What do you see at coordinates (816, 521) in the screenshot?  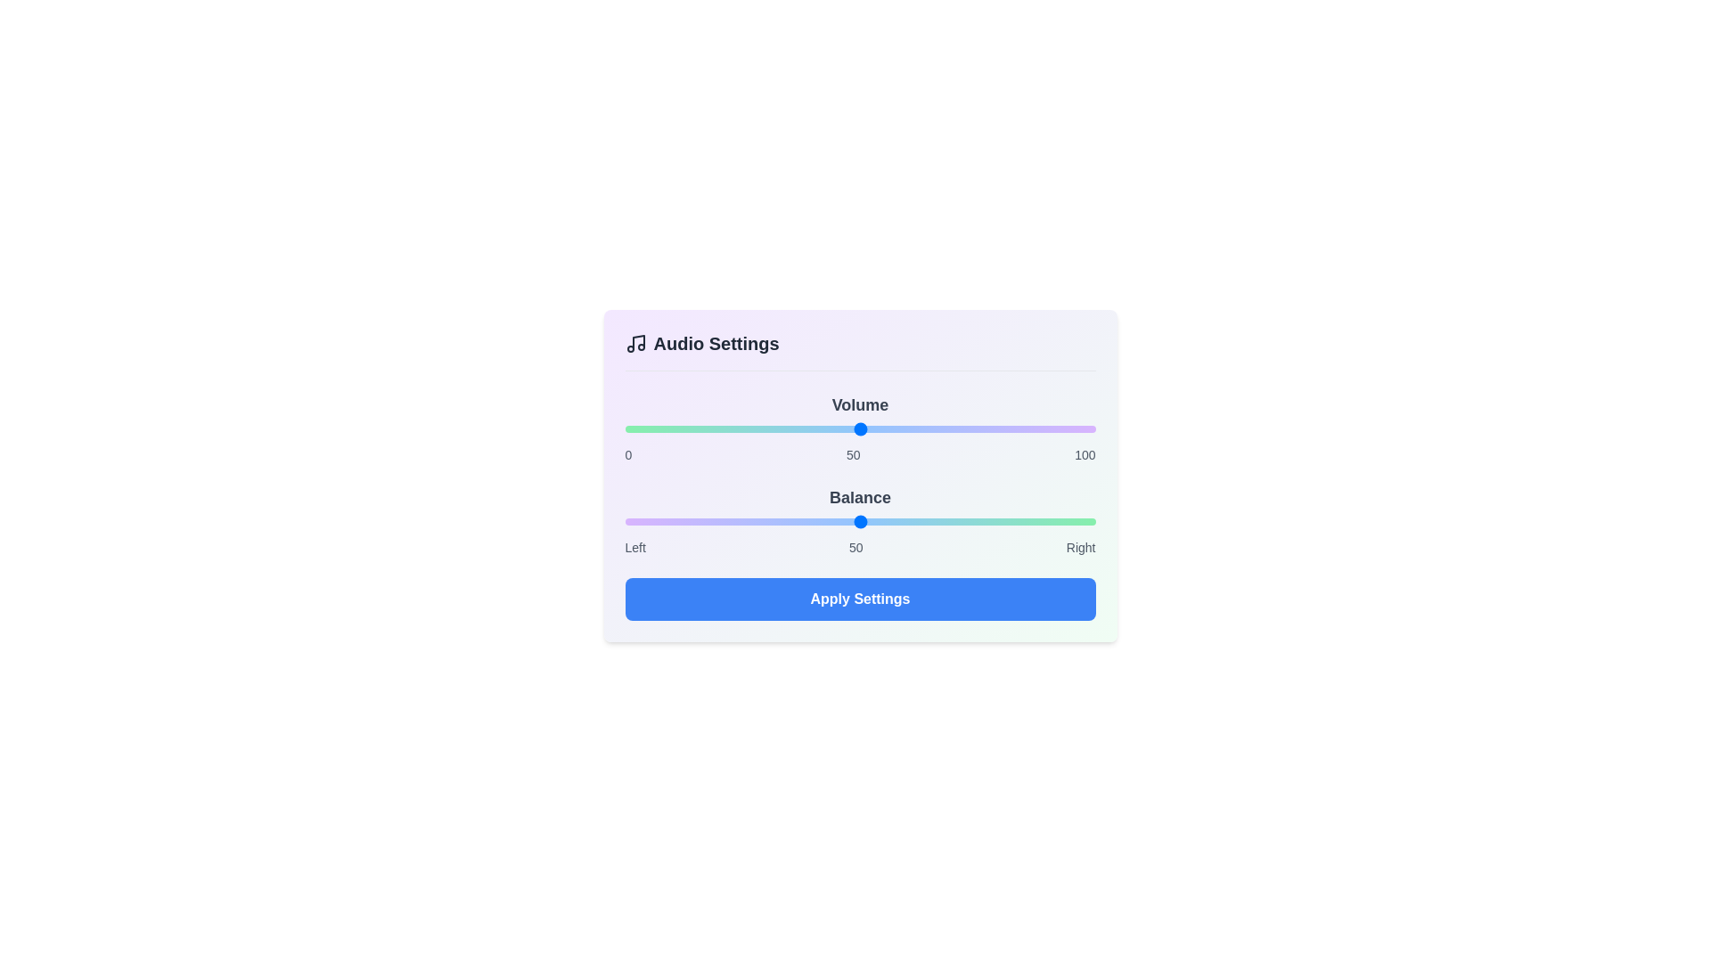 I see `balance` at bounding box center [816, 521].